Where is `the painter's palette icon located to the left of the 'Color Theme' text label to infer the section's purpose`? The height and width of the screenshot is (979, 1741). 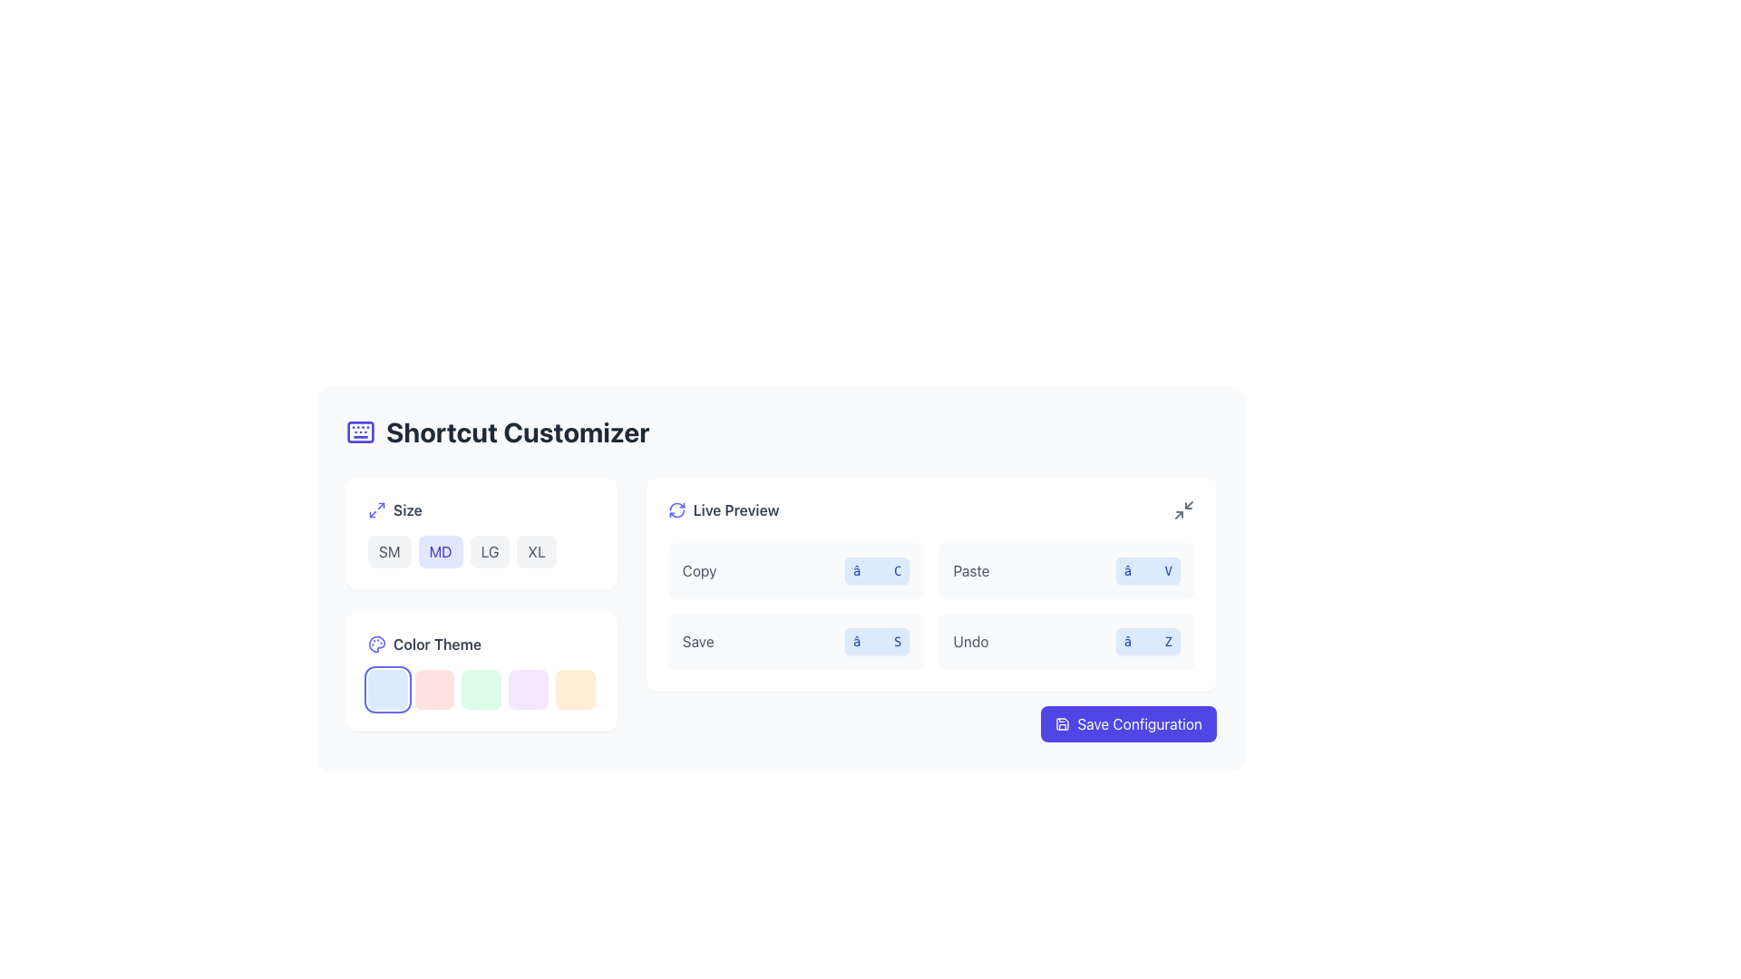 the painter's palette icon located to the left of the 'Color Theme' text label to infer the section's purpose is located at coordinates (376, 643).